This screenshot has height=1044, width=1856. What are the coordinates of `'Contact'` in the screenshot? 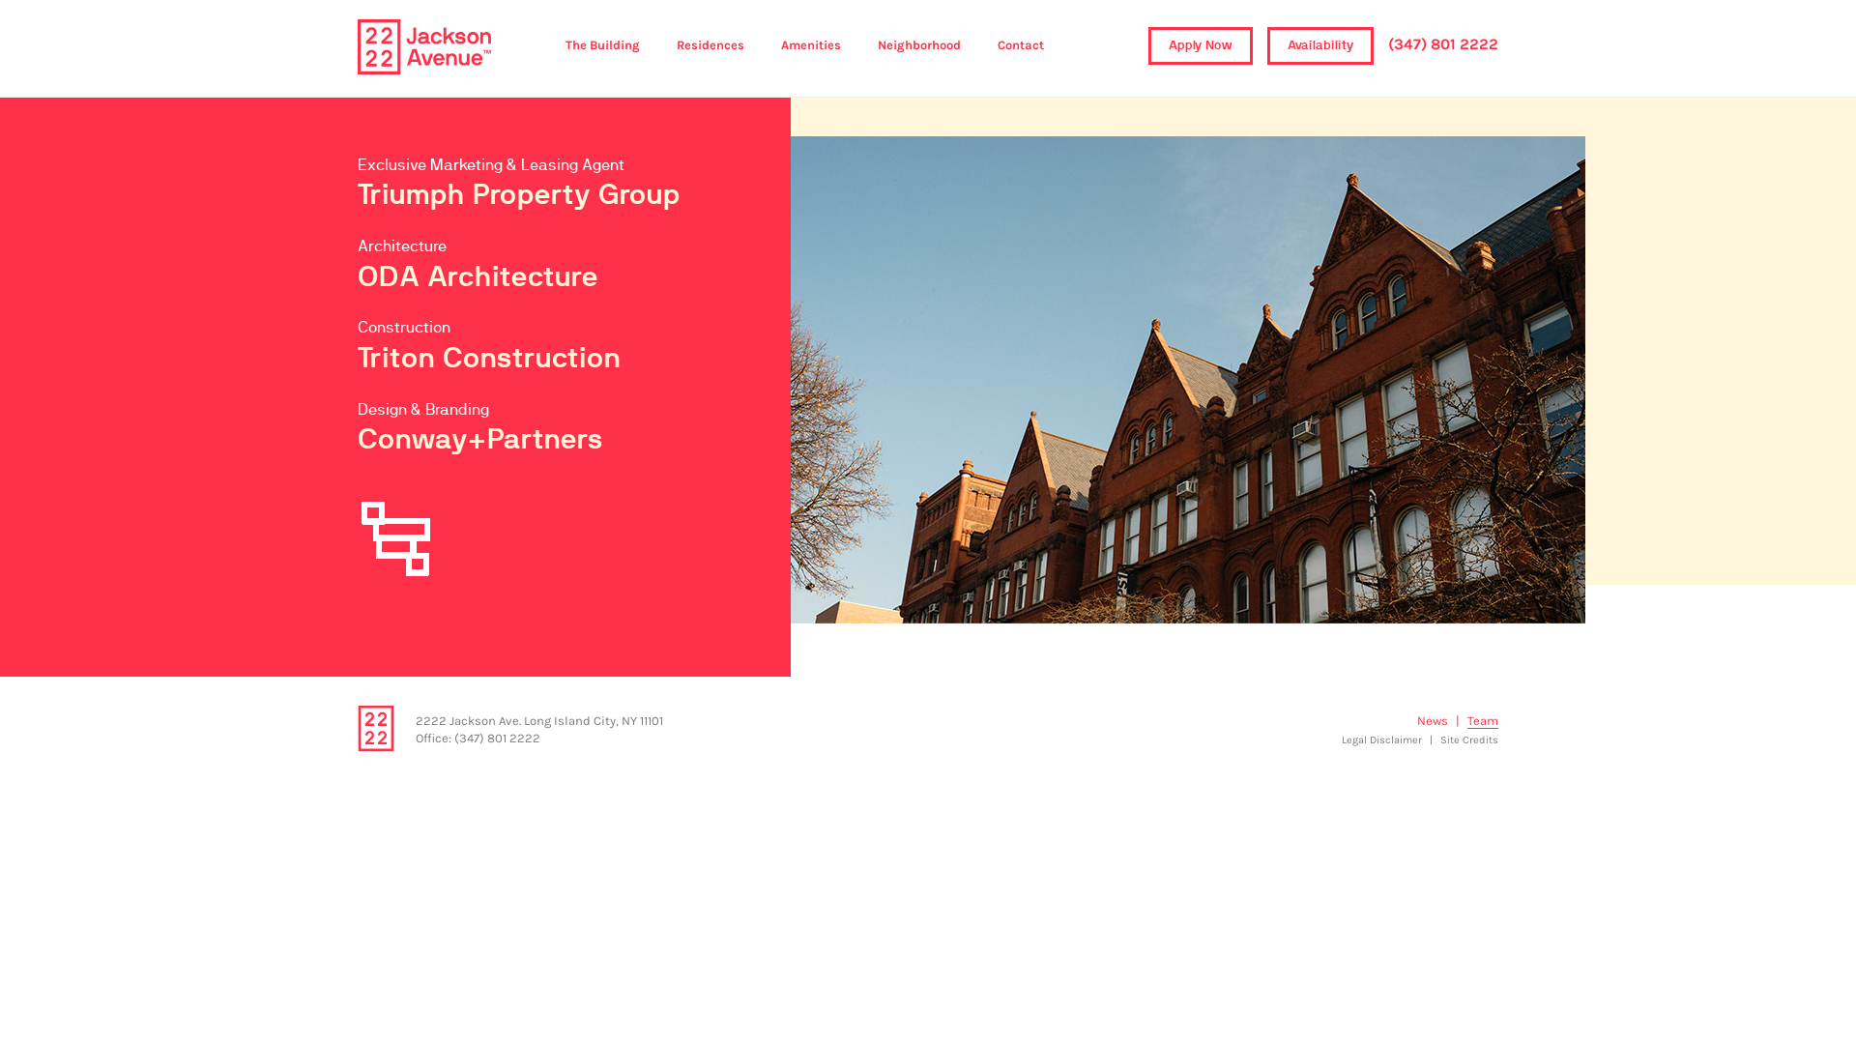 It's located at (1020, 43).